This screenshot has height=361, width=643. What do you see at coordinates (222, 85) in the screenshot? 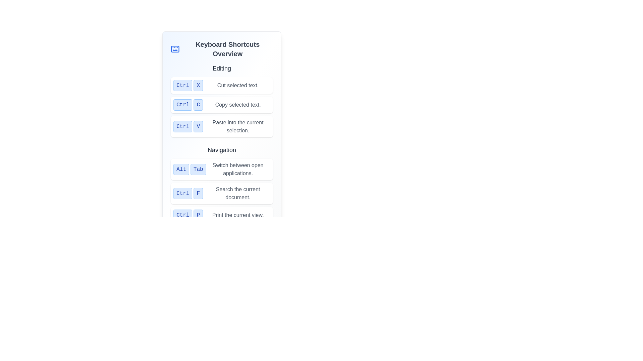
I see `the Label and description block that displays the keyboard shortcut 'Ctrl + X' for cutting selected text, which is styled with blue buttons and a white rounded background` at bounding box center [222, 85].